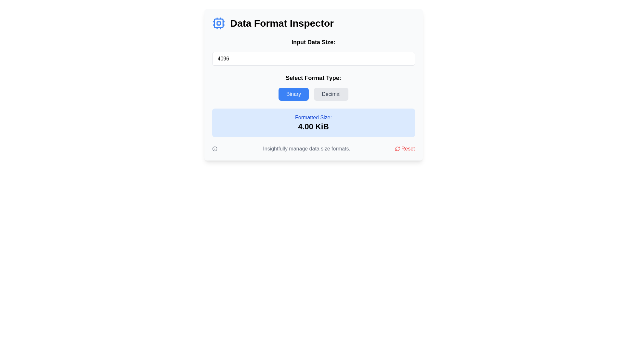 This screenshot has width=624, height=351. Describe the element at coordinates (293, 94) in the screenshot. I see `the blue rectangular button labeled 'Binary' with white text` at that location.